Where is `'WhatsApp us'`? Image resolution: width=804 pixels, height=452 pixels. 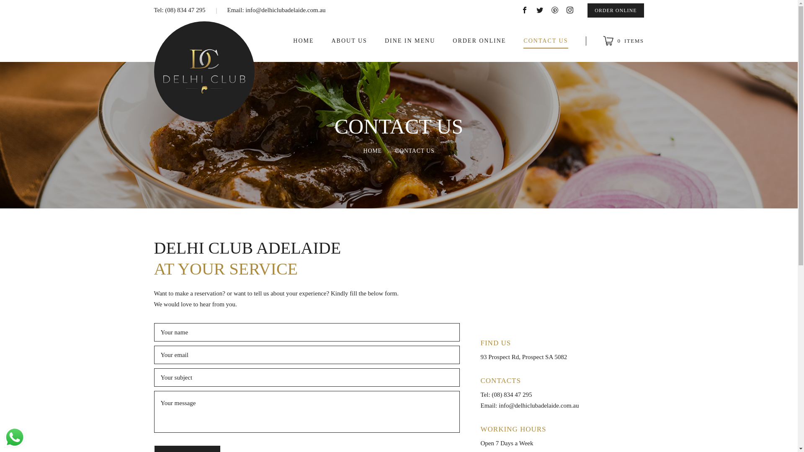
'WhatsApp us' is located at coordinates (4, 437).